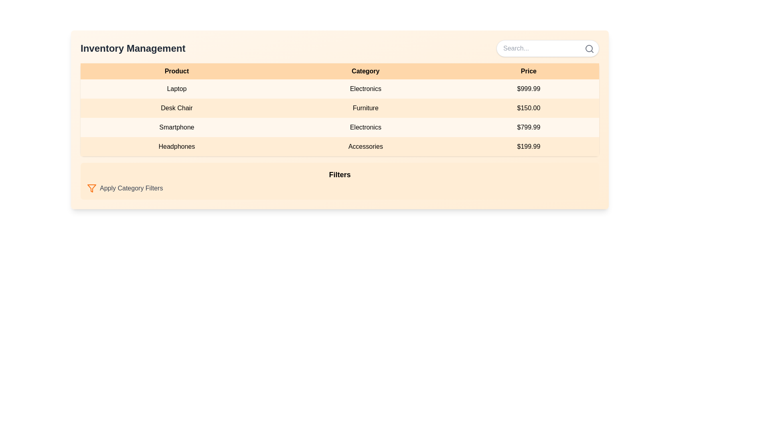 This screenshot has width=770, height=433. Describe the element at coordinates (365, 147) in the screenshot. I see `the 'Accessories' text label in the last row of the table, which is centered in the 'Category' column with a light peach background` at that location.